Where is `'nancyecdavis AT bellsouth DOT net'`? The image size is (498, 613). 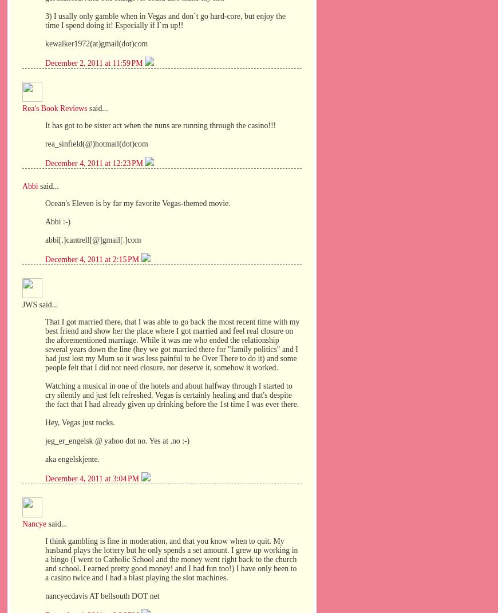
'nancyecdavis AT bellsouth DOT net' is located at coordinates (101, 595).